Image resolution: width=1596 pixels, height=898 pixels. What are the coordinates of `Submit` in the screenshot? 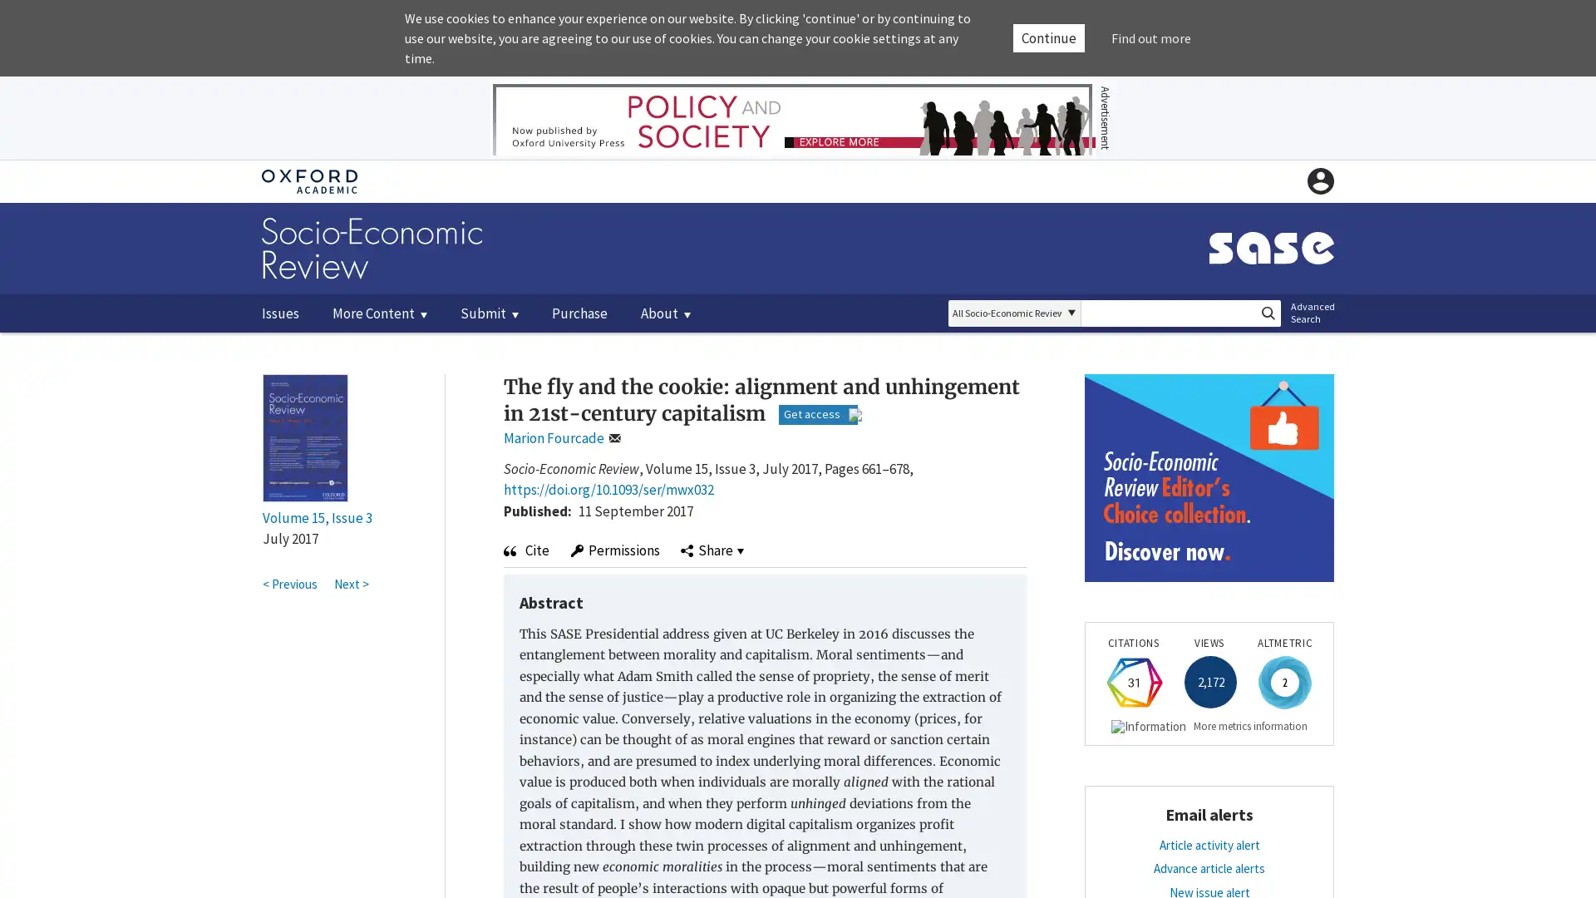 It's located at (489, 312).